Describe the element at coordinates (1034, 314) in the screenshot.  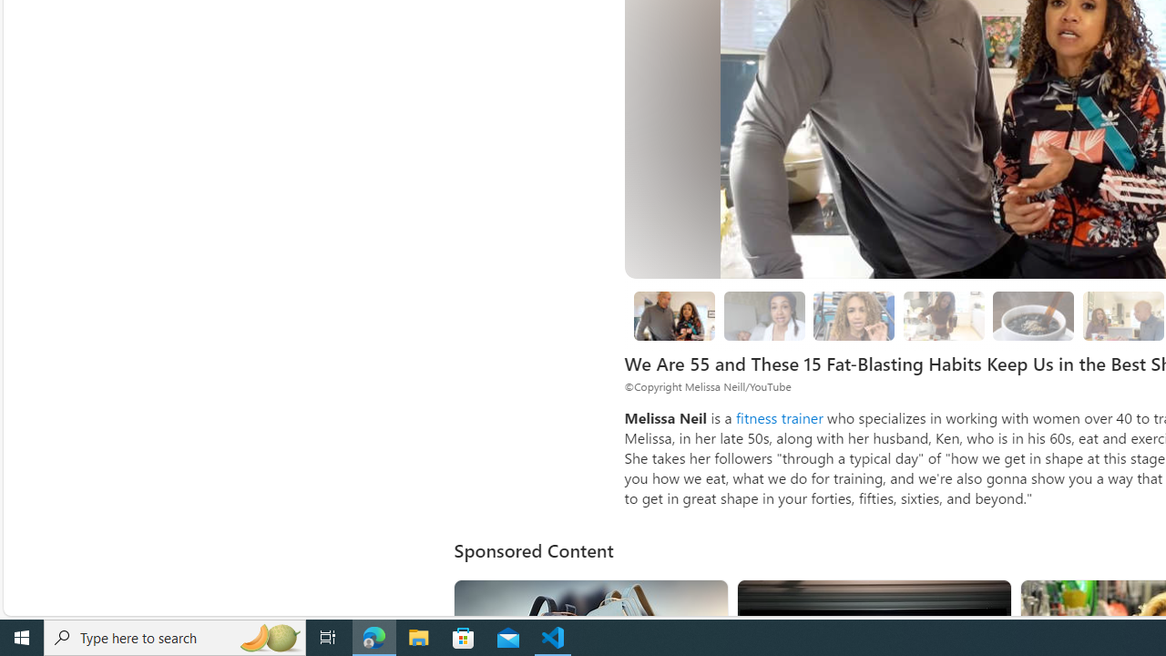
I see `'8 Be Mindful of Coffee'` at that location.